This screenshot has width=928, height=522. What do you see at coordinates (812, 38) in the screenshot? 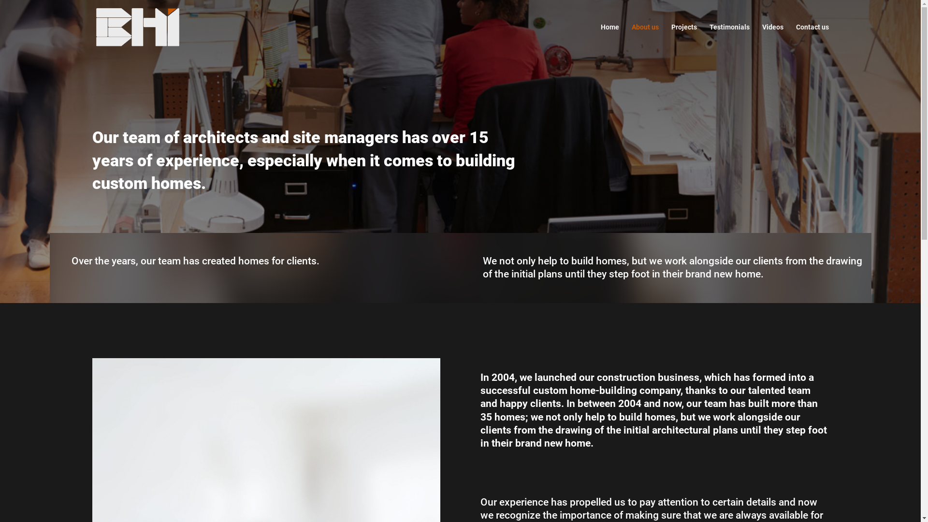
I see `'Contact us'` at bounding box center [812, 38].